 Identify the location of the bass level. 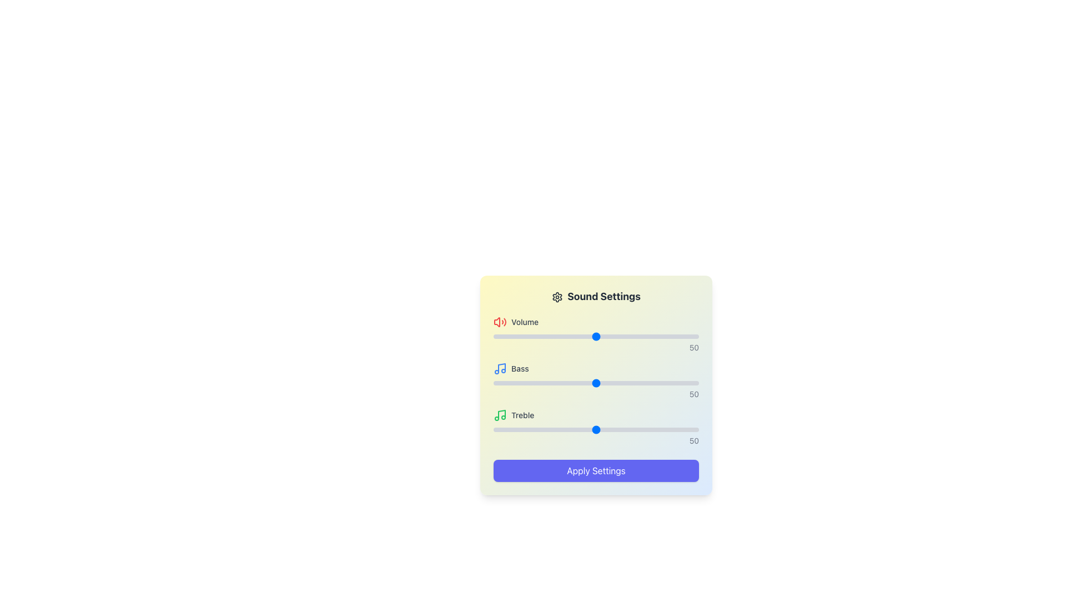
(553, 382).